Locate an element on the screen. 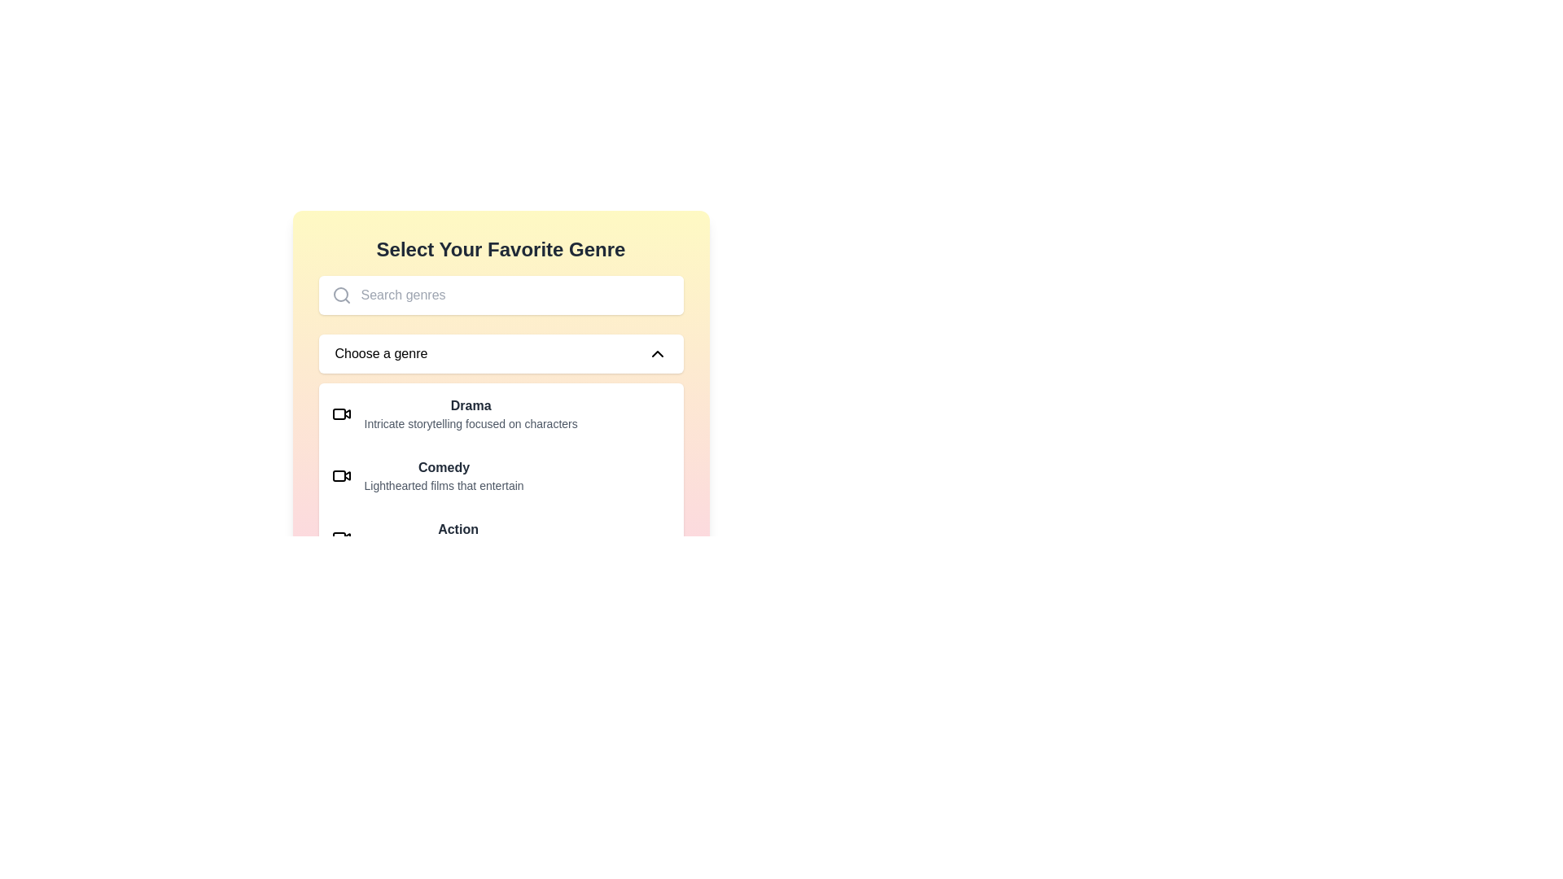 The height and width of the screenshot is (879, 1563). the second list item labeled 'Comedy', which includes a video camera icon and a description of lighthearted films is located at coordinates (500, 476).